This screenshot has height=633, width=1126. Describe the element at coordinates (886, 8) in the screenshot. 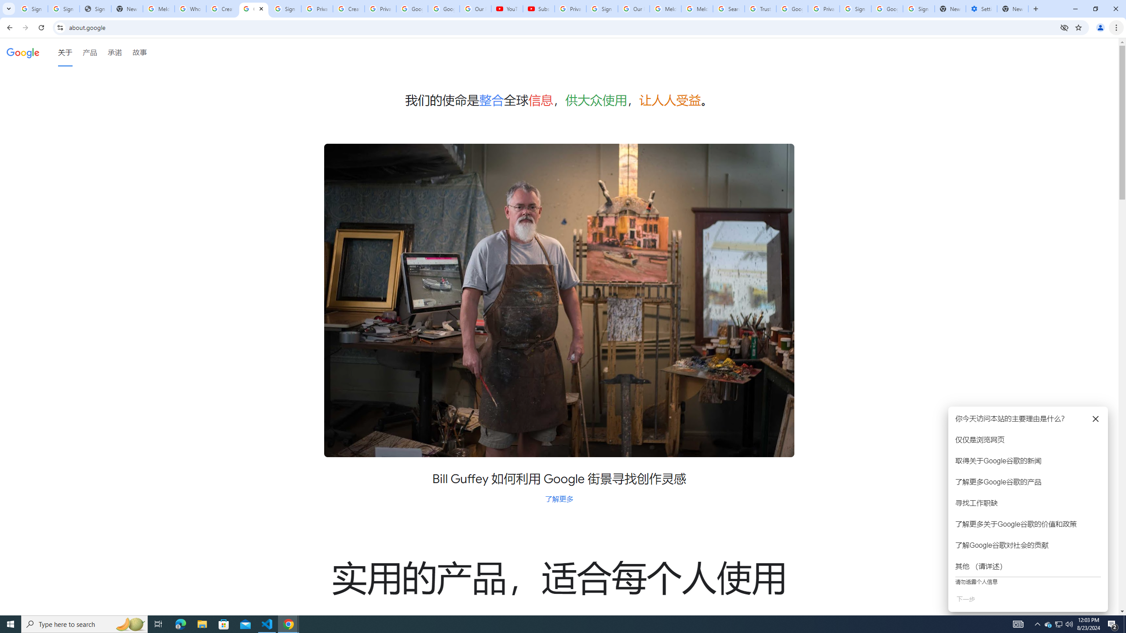

I see `'Google Cybersecurity Innovations - Google Safety Center'` at that location.